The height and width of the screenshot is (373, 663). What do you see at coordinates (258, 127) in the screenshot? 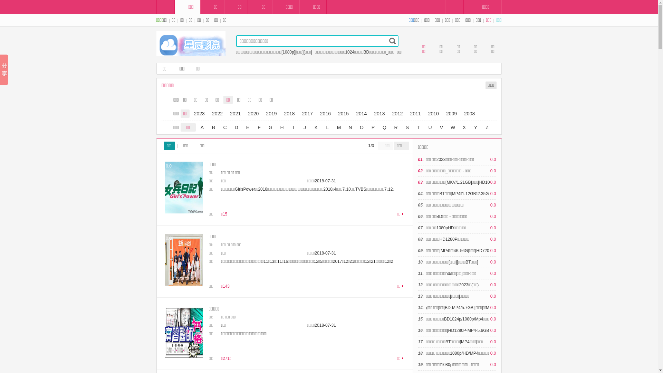
I see `'F'` at bounding box center [258, 127].